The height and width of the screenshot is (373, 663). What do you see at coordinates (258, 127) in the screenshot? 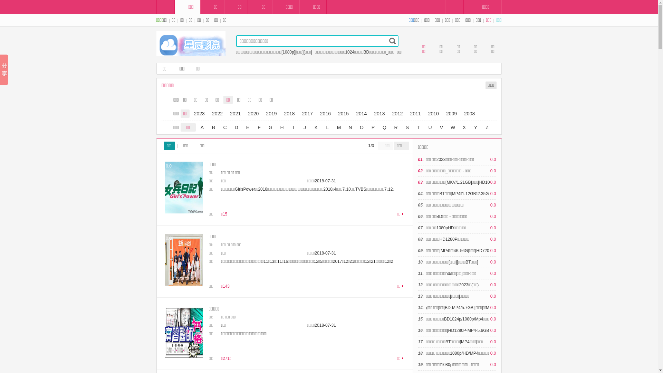
I see `'F'` at bounding box center [258, 127].